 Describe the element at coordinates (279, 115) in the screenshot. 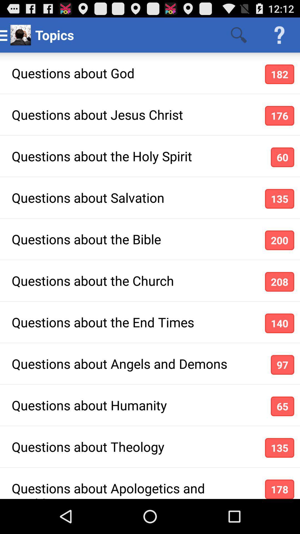

I see `176 item` at that location.